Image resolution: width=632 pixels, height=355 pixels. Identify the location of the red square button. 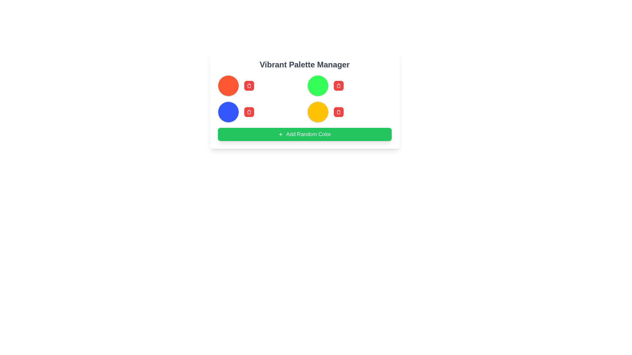
(349, 111).